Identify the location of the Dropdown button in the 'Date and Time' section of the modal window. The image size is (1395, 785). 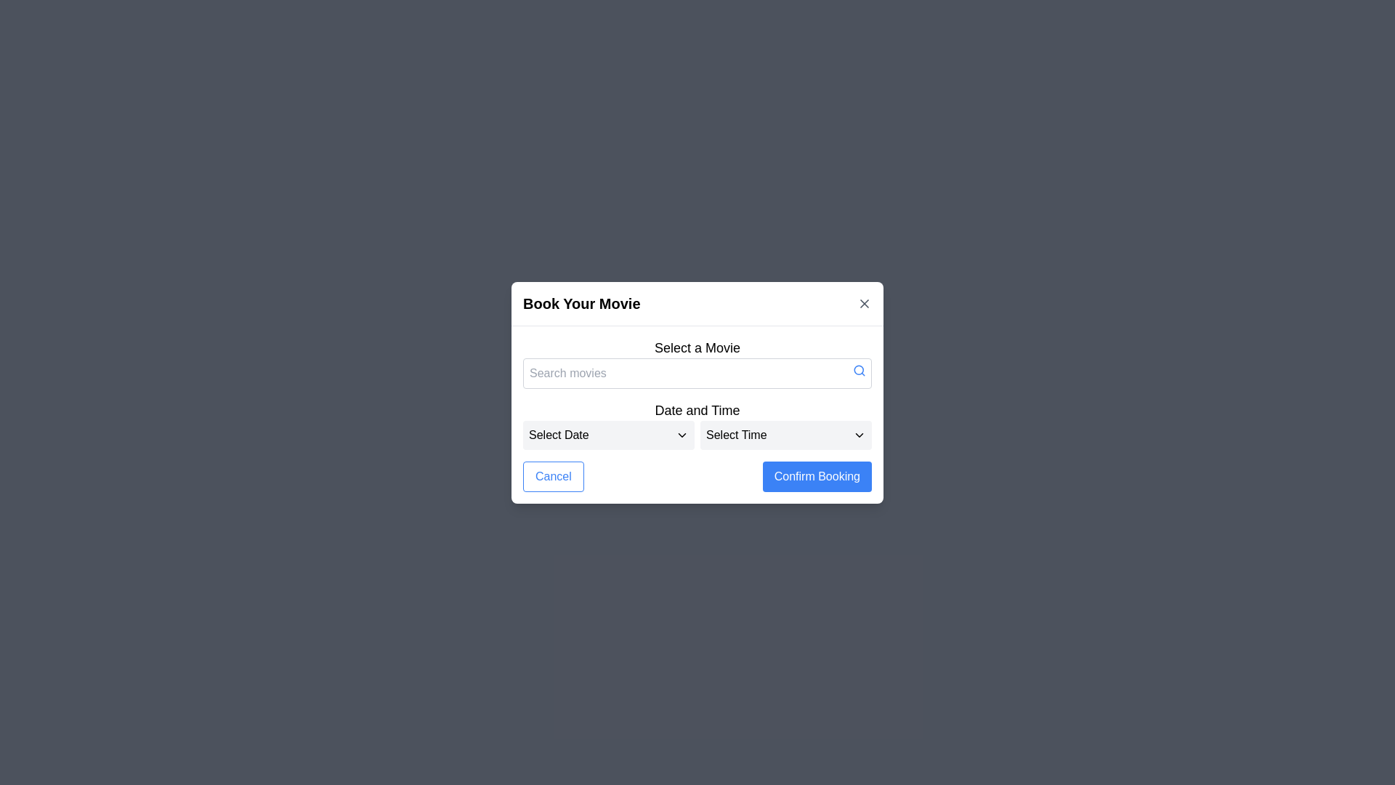
(609, 433).